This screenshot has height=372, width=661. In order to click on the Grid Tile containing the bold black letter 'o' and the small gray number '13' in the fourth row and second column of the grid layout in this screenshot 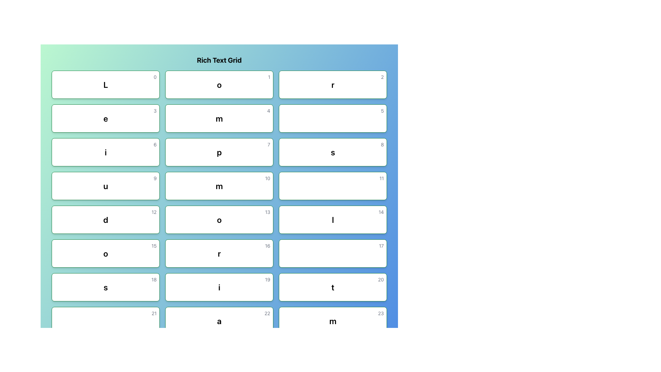, I will do `click(219, 219)`.